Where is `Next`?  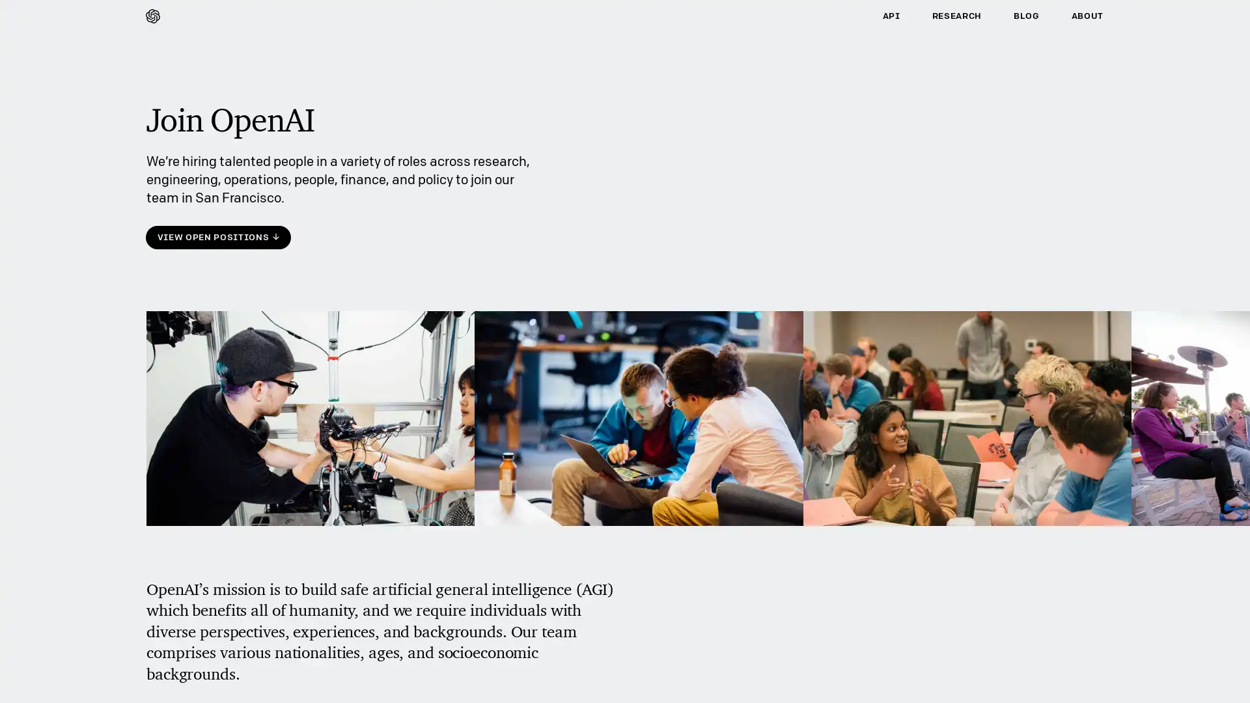
Next is located at coordinates (1087, 441).